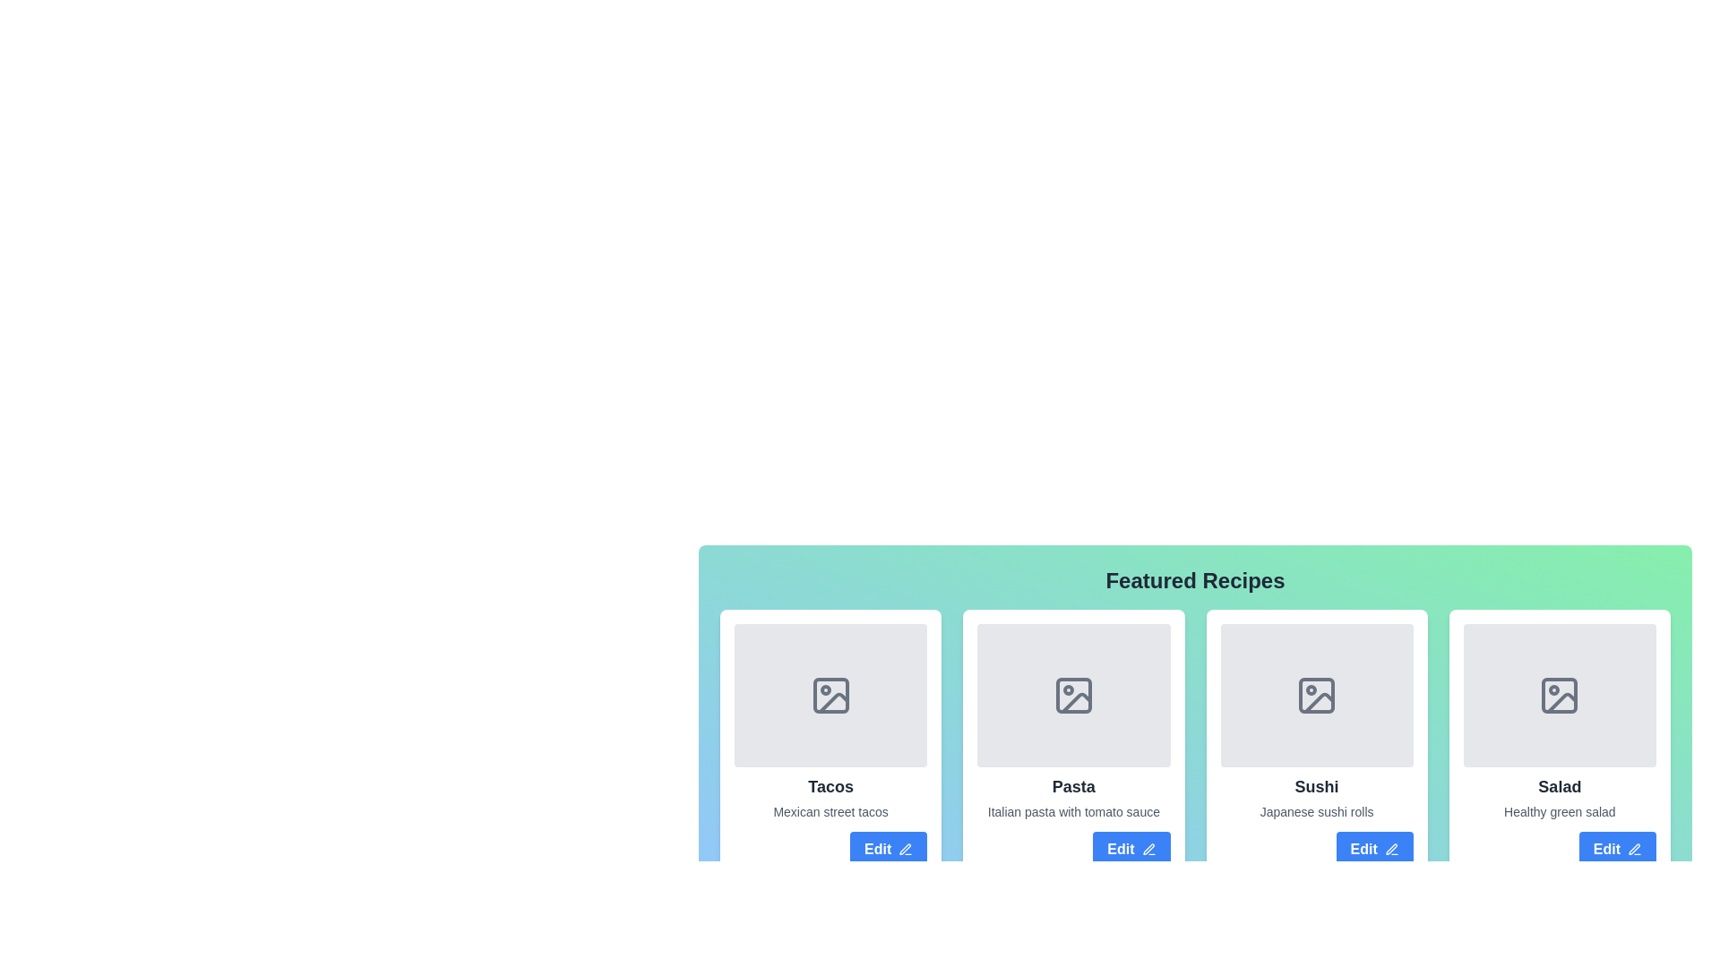 The image size is (1720, 967). Describe the element at coordinates (1073, 694) in the screenshot. I see `the icon placeholder for the image` at that location.